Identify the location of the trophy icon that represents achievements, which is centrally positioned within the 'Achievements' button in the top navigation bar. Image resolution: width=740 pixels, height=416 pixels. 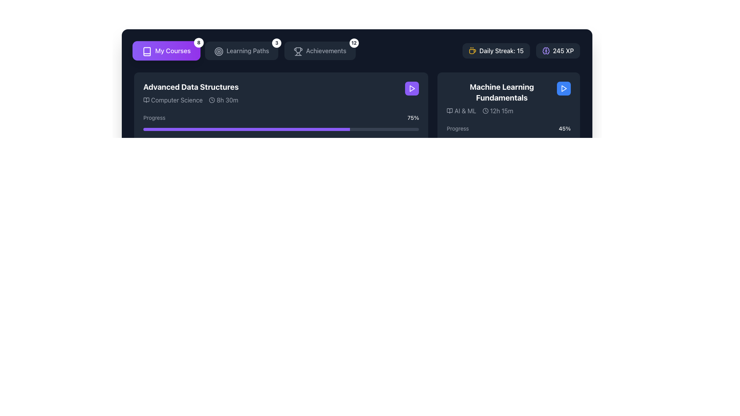
(298, 52).